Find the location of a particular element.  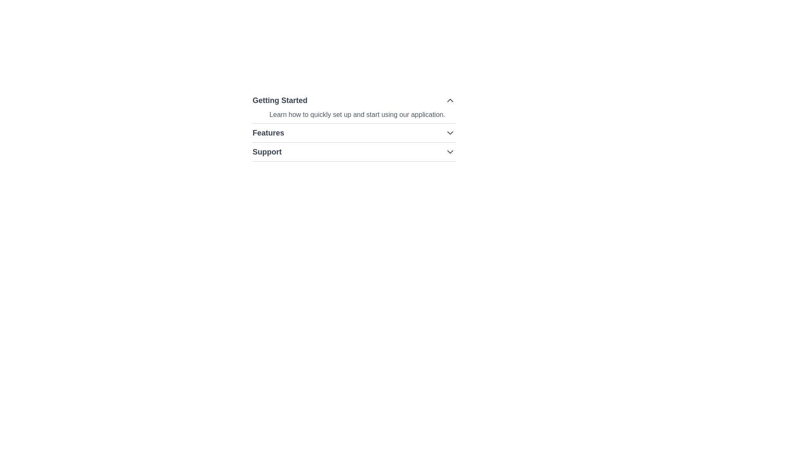

the Chevron indicator icon (SVG) located at the far right of the 'Support' row is located at coordinates (449, 151).